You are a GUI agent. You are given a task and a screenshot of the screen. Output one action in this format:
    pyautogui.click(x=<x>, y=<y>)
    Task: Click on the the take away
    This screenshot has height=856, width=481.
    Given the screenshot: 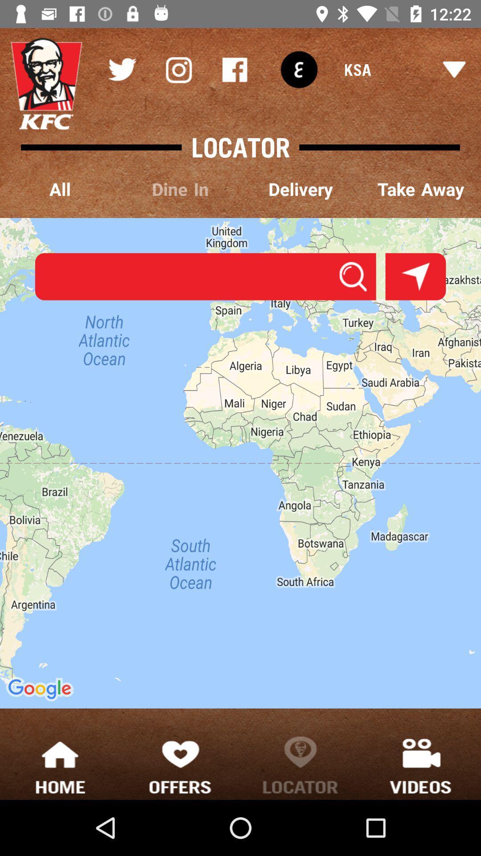 What is the action you would take?
    pyautogui.click(x=421, y=189)
    